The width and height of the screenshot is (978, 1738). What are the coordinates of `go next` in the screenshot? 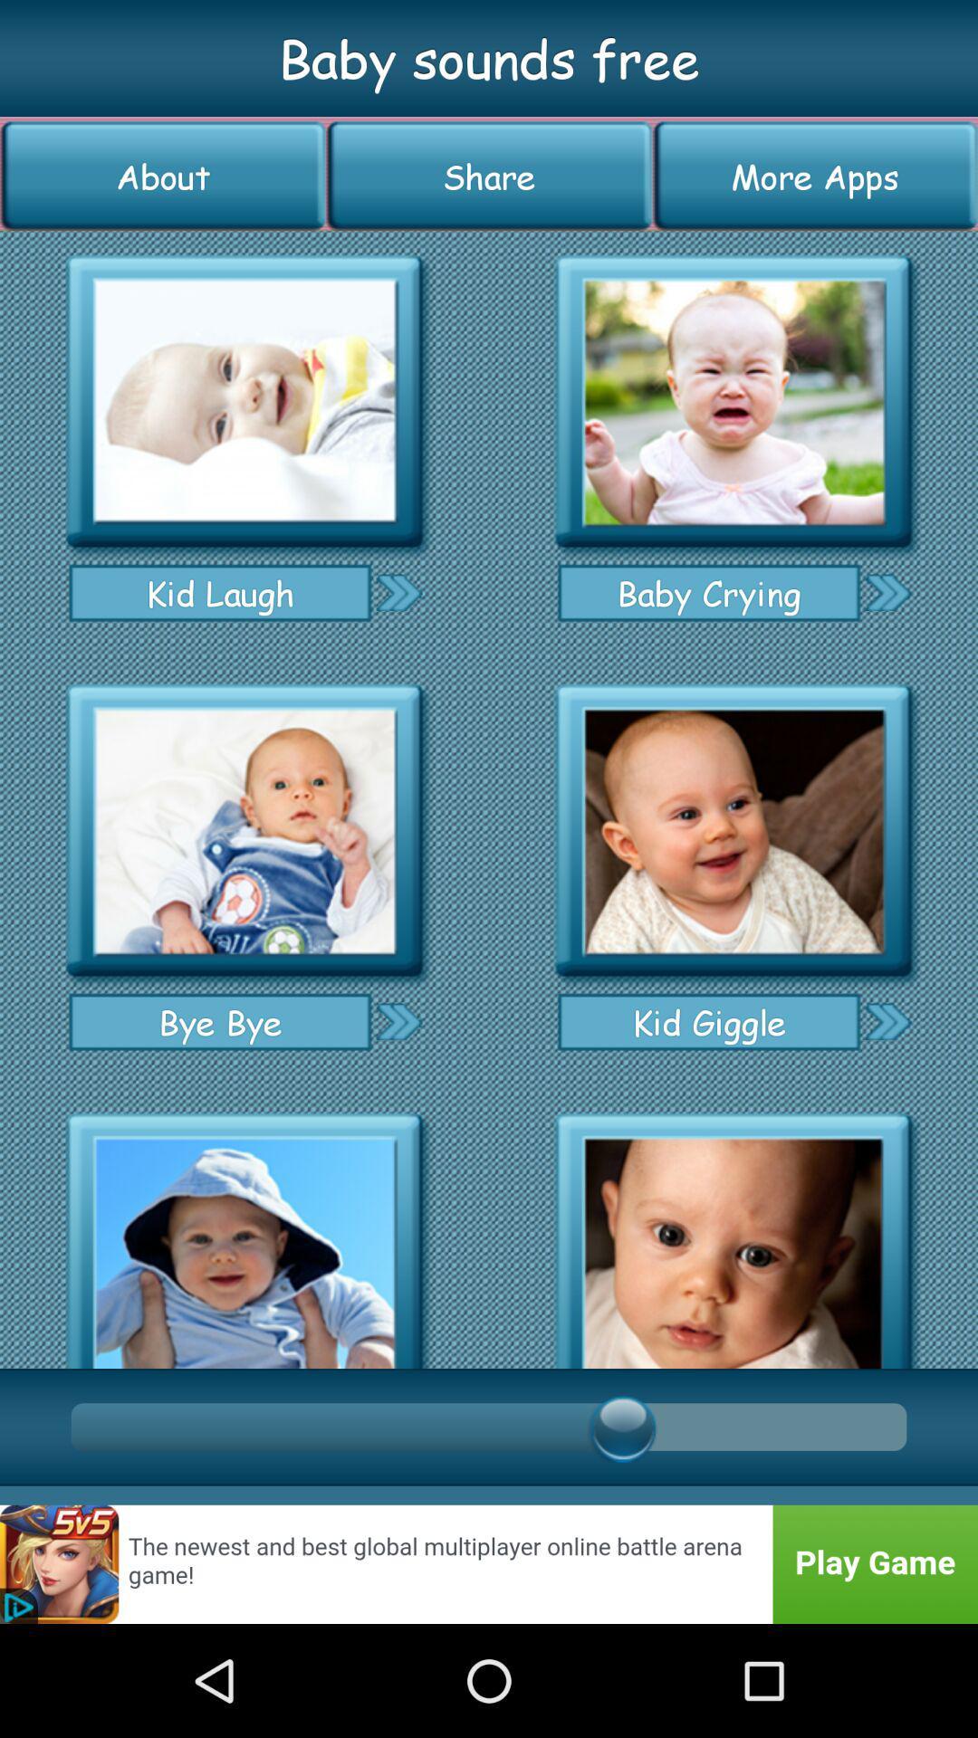 It's located at (398, 592).